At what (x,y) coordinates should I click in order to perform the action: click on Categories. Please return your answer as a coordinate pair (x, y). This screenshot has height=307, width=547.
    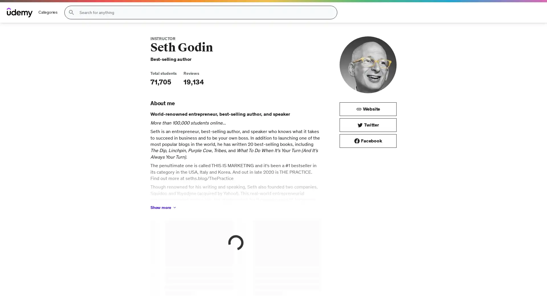
    Looking at the image, I should click on (48, 12).